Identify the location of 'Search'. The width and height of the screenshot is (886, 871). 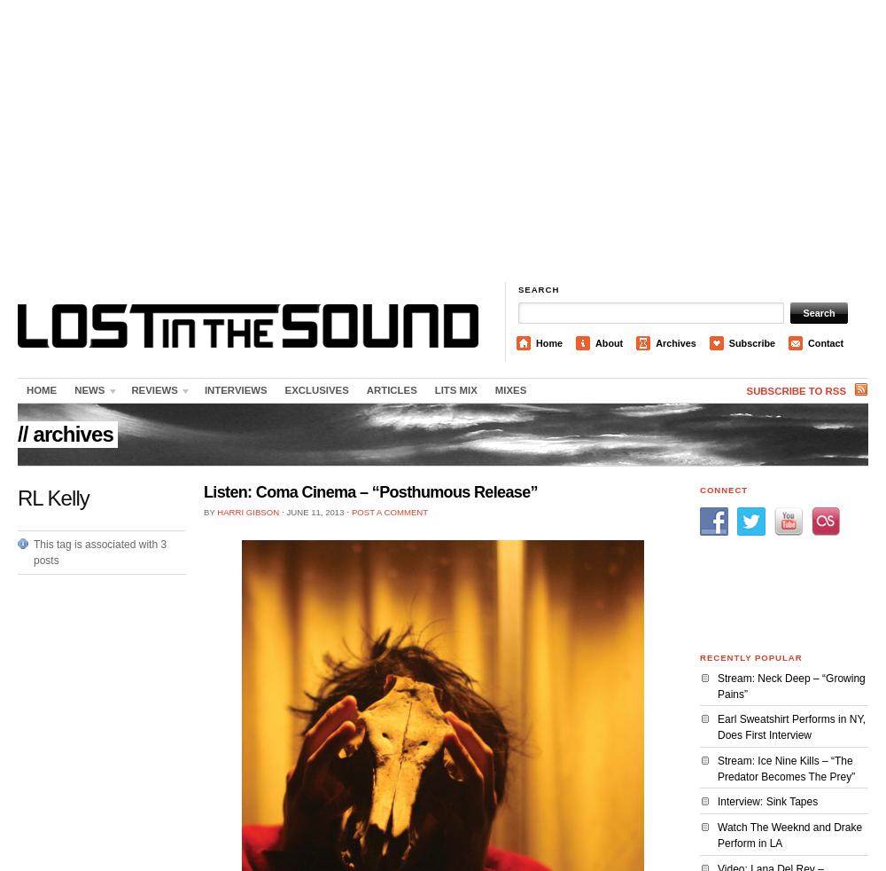
(517, 289).